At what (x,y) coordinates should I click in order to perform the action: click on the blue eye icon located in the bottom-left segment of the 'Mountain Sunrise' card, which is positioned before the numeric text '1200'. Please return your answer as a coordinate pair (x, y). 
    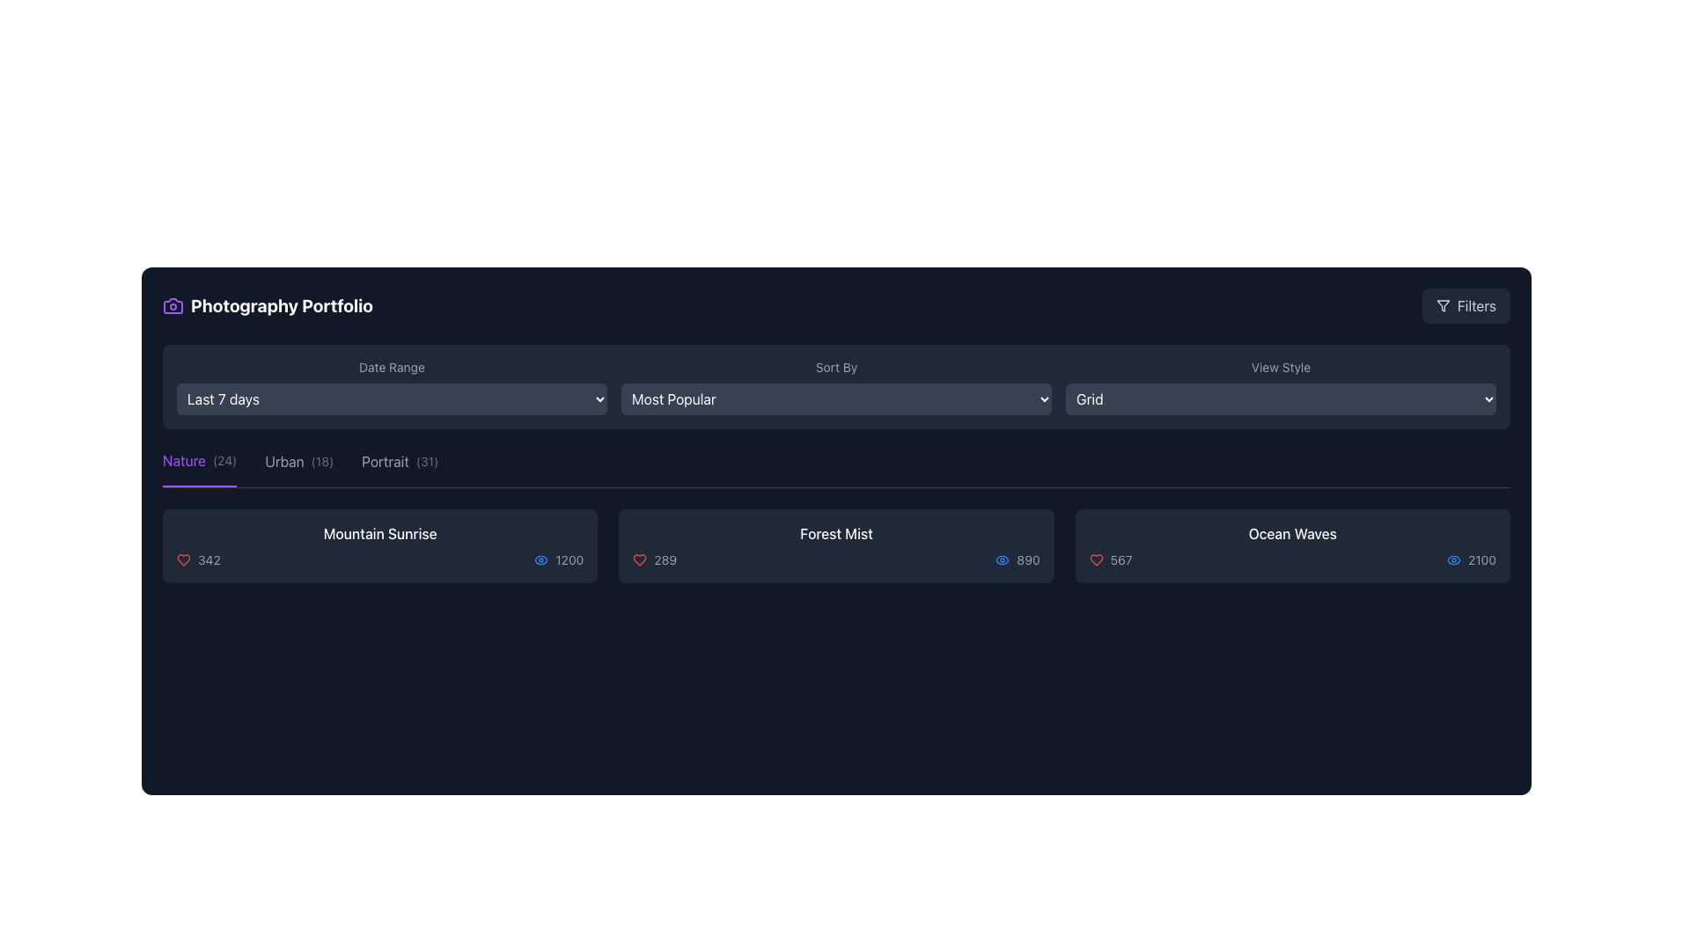
    Looking at the image, I should click on (540, 559).